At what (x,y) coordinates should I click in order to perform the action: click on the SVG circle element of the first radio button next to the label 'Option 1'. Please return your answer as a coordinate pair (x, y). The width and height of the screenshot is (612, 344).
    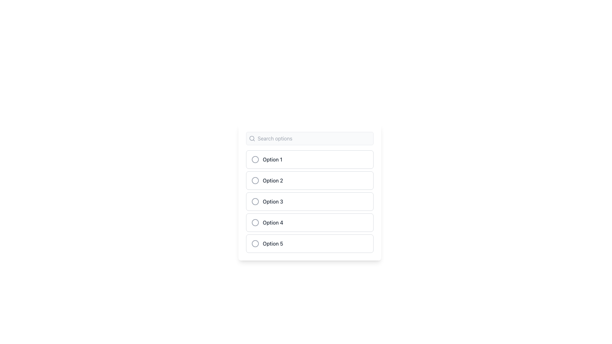
    Looking at the image, I should click on (255, 159).